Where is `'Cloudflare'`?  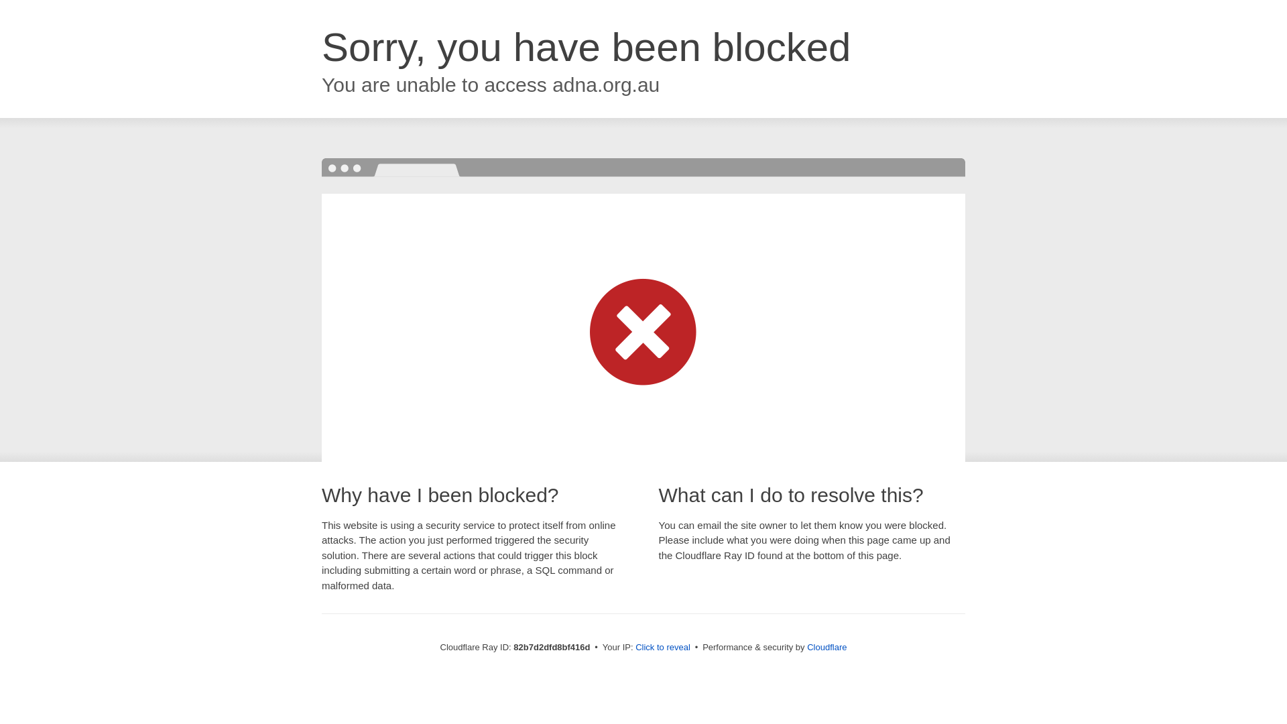
'Cloudflare' is located at coordinates (826, 646).